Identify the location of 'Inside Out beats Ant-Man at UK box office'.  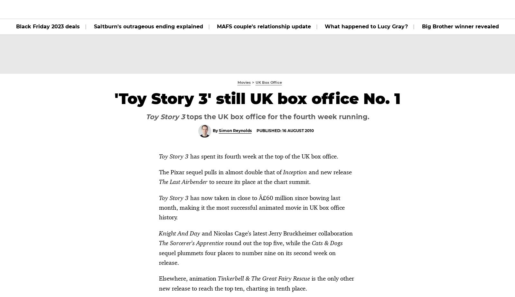
(405, 239).